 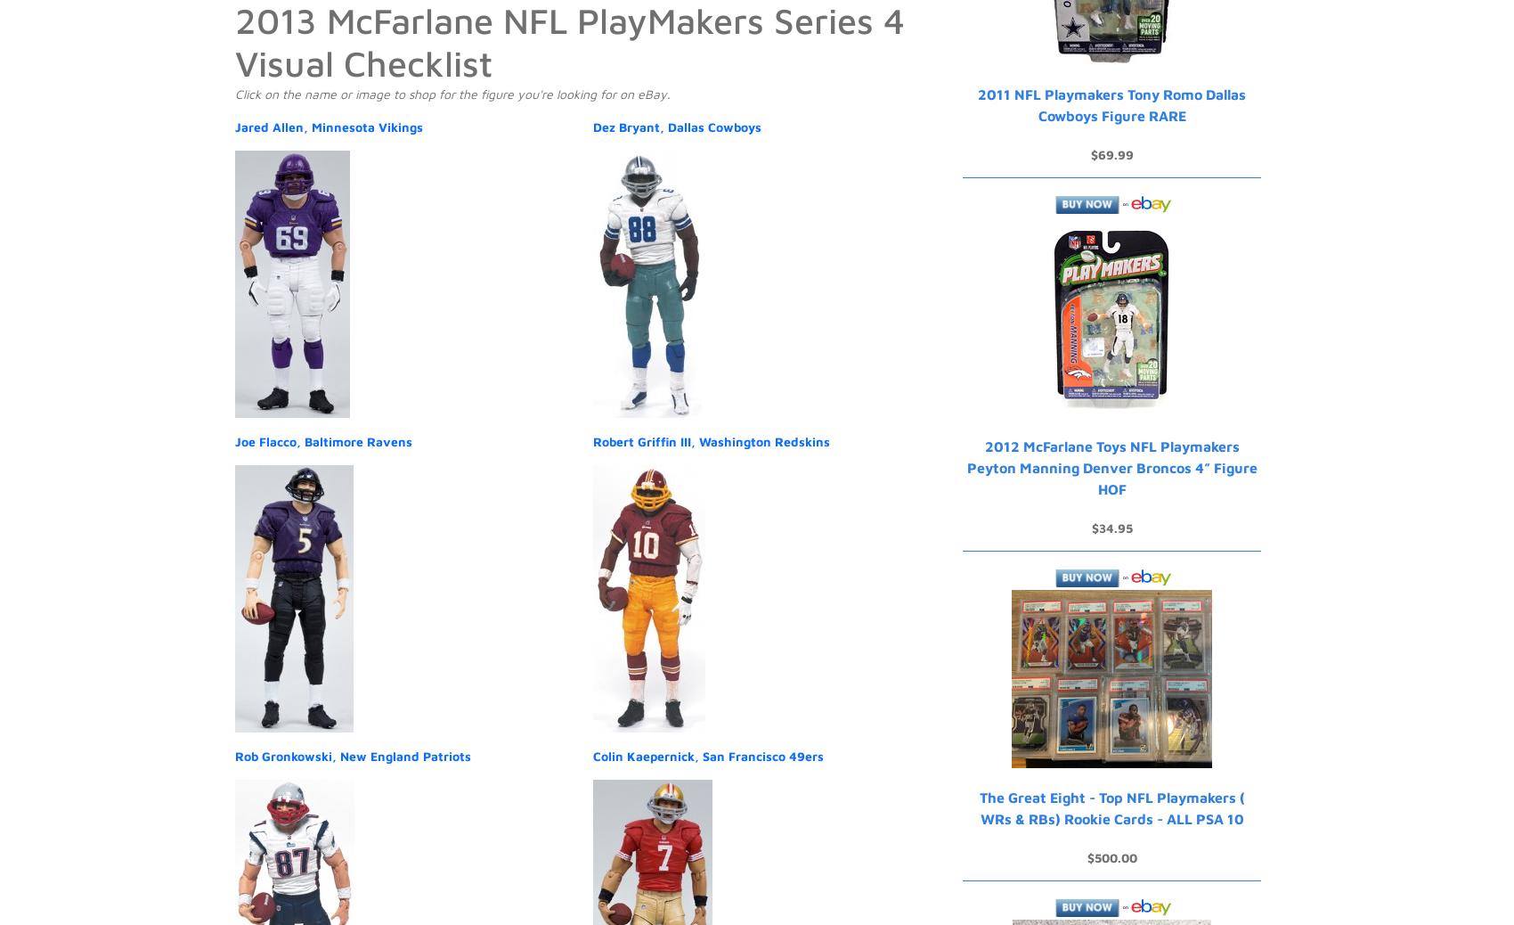 I want to click on 'Advertise', so click(x=632, y=743).